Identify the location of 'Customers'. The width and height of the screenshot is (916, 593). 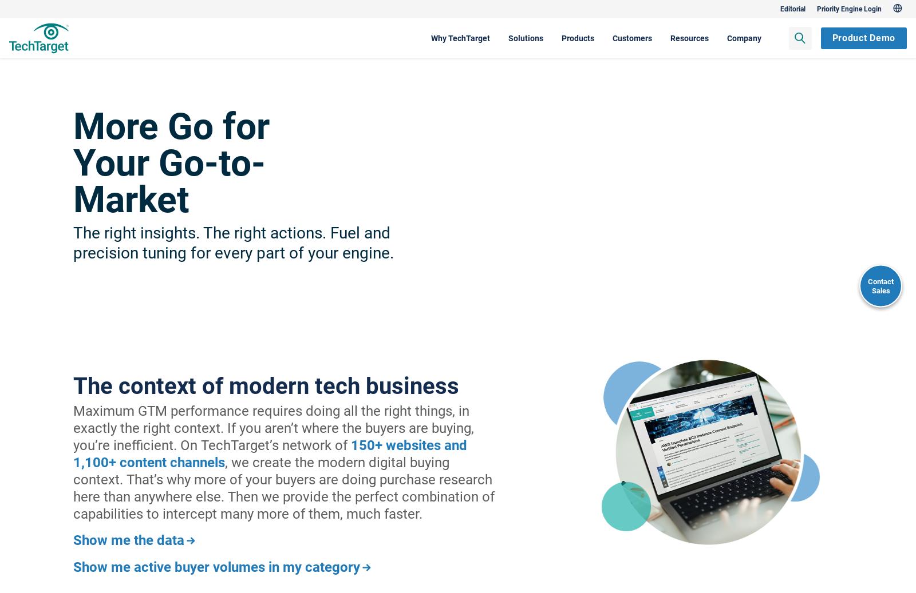
(567, 37).